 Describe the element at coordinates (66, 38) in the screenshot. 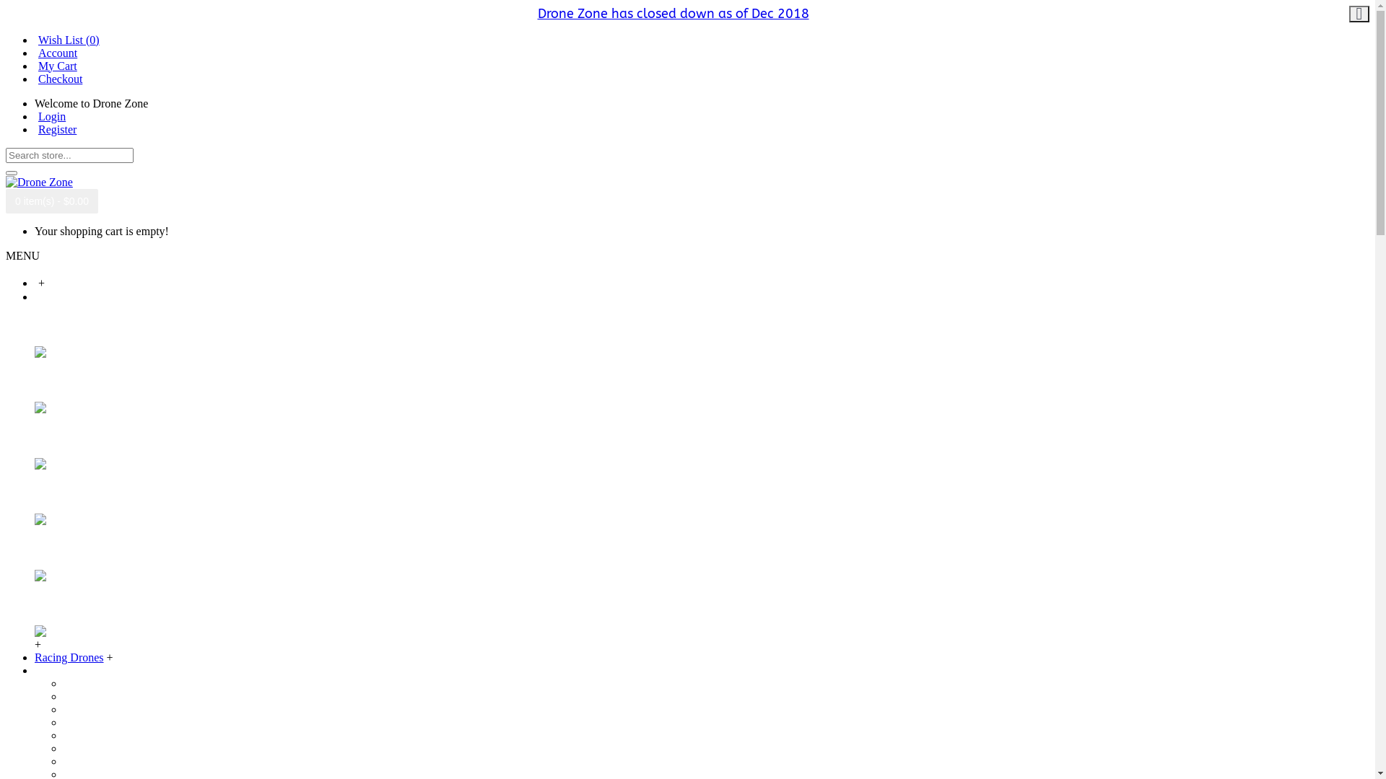

I see `'Wish List (0)'` at that location.